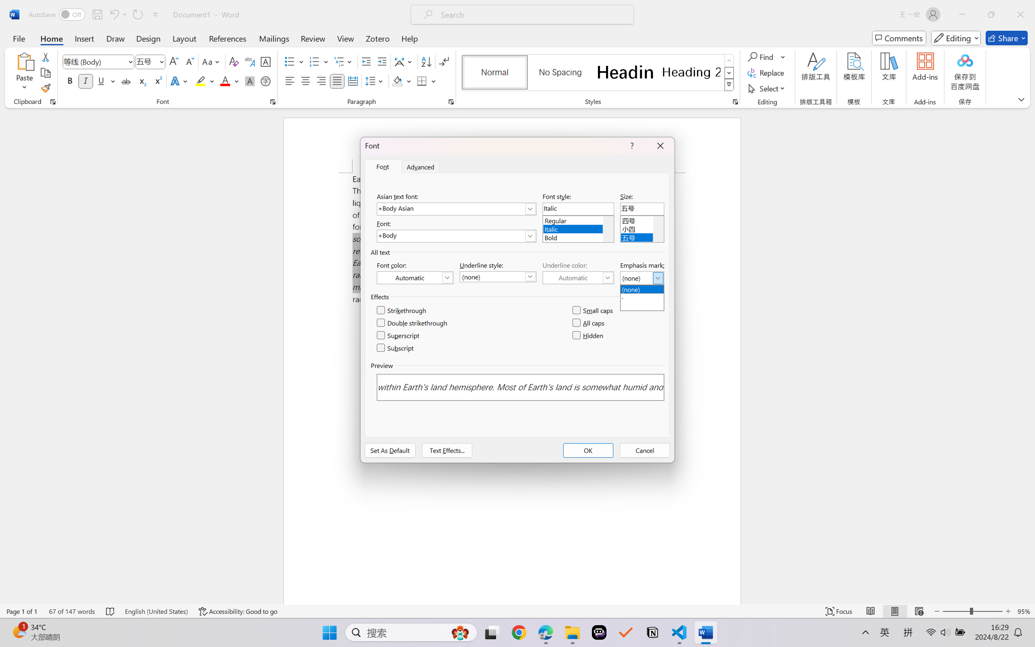 This screenshot has width=1035, height=647. Describe the element at coordinates (352, 80) in the screenshot. I see `'Distributed'` at that location.